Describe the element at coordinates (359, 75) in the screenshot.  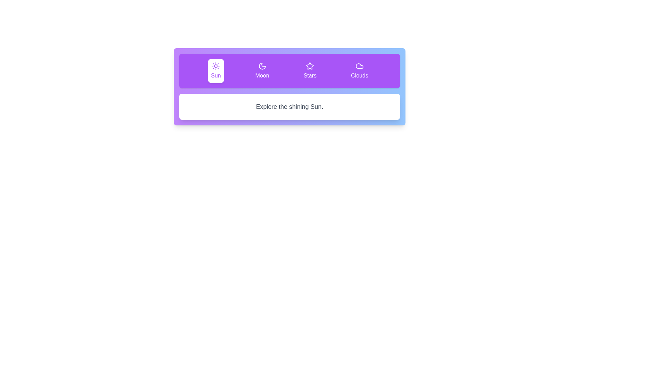
I see `text label displaying 'Clouds' which is located centrally in the navigation bar on a purple background` at that location.